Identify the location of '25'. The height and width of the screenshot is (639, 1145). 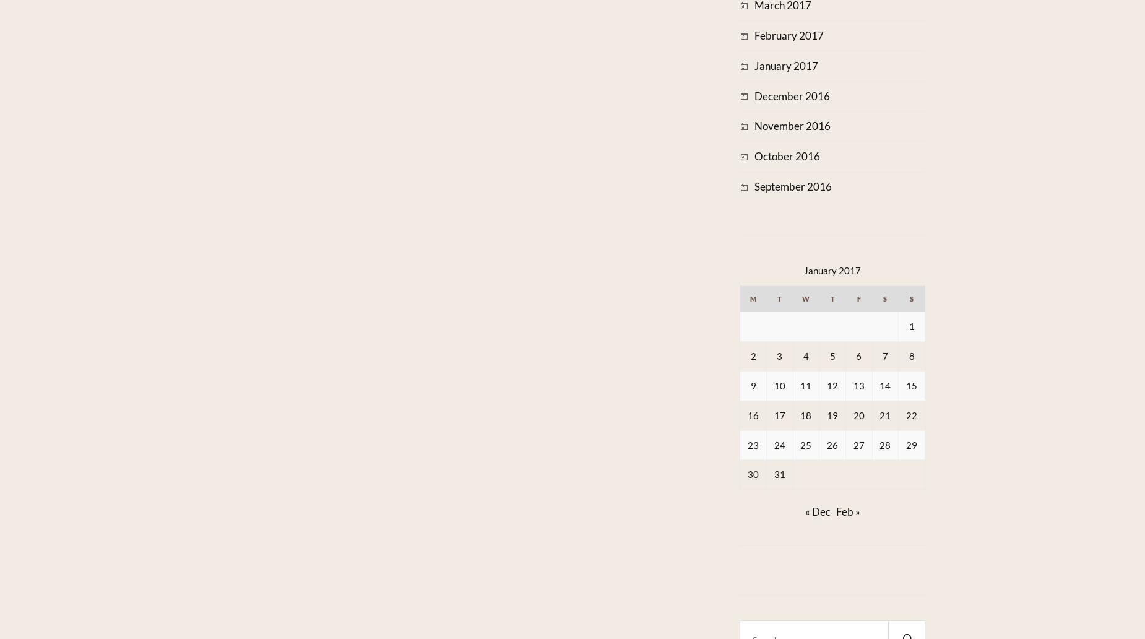
(805, 443).